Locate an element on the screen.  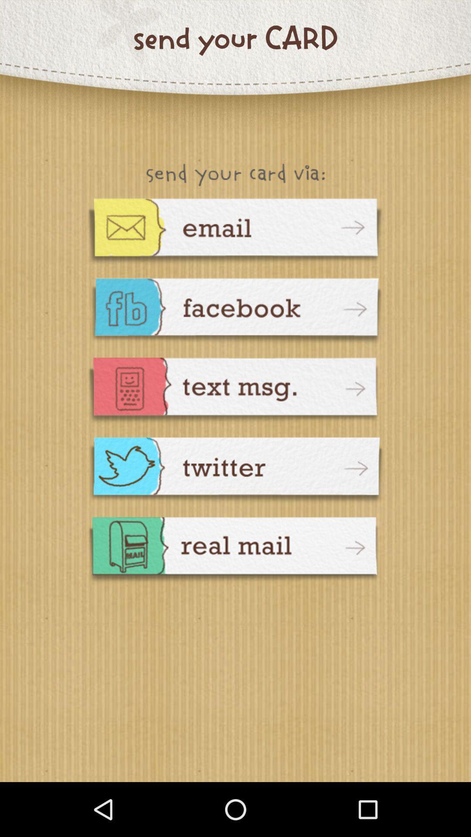
send card by text message is located at coordinates (235, 391).